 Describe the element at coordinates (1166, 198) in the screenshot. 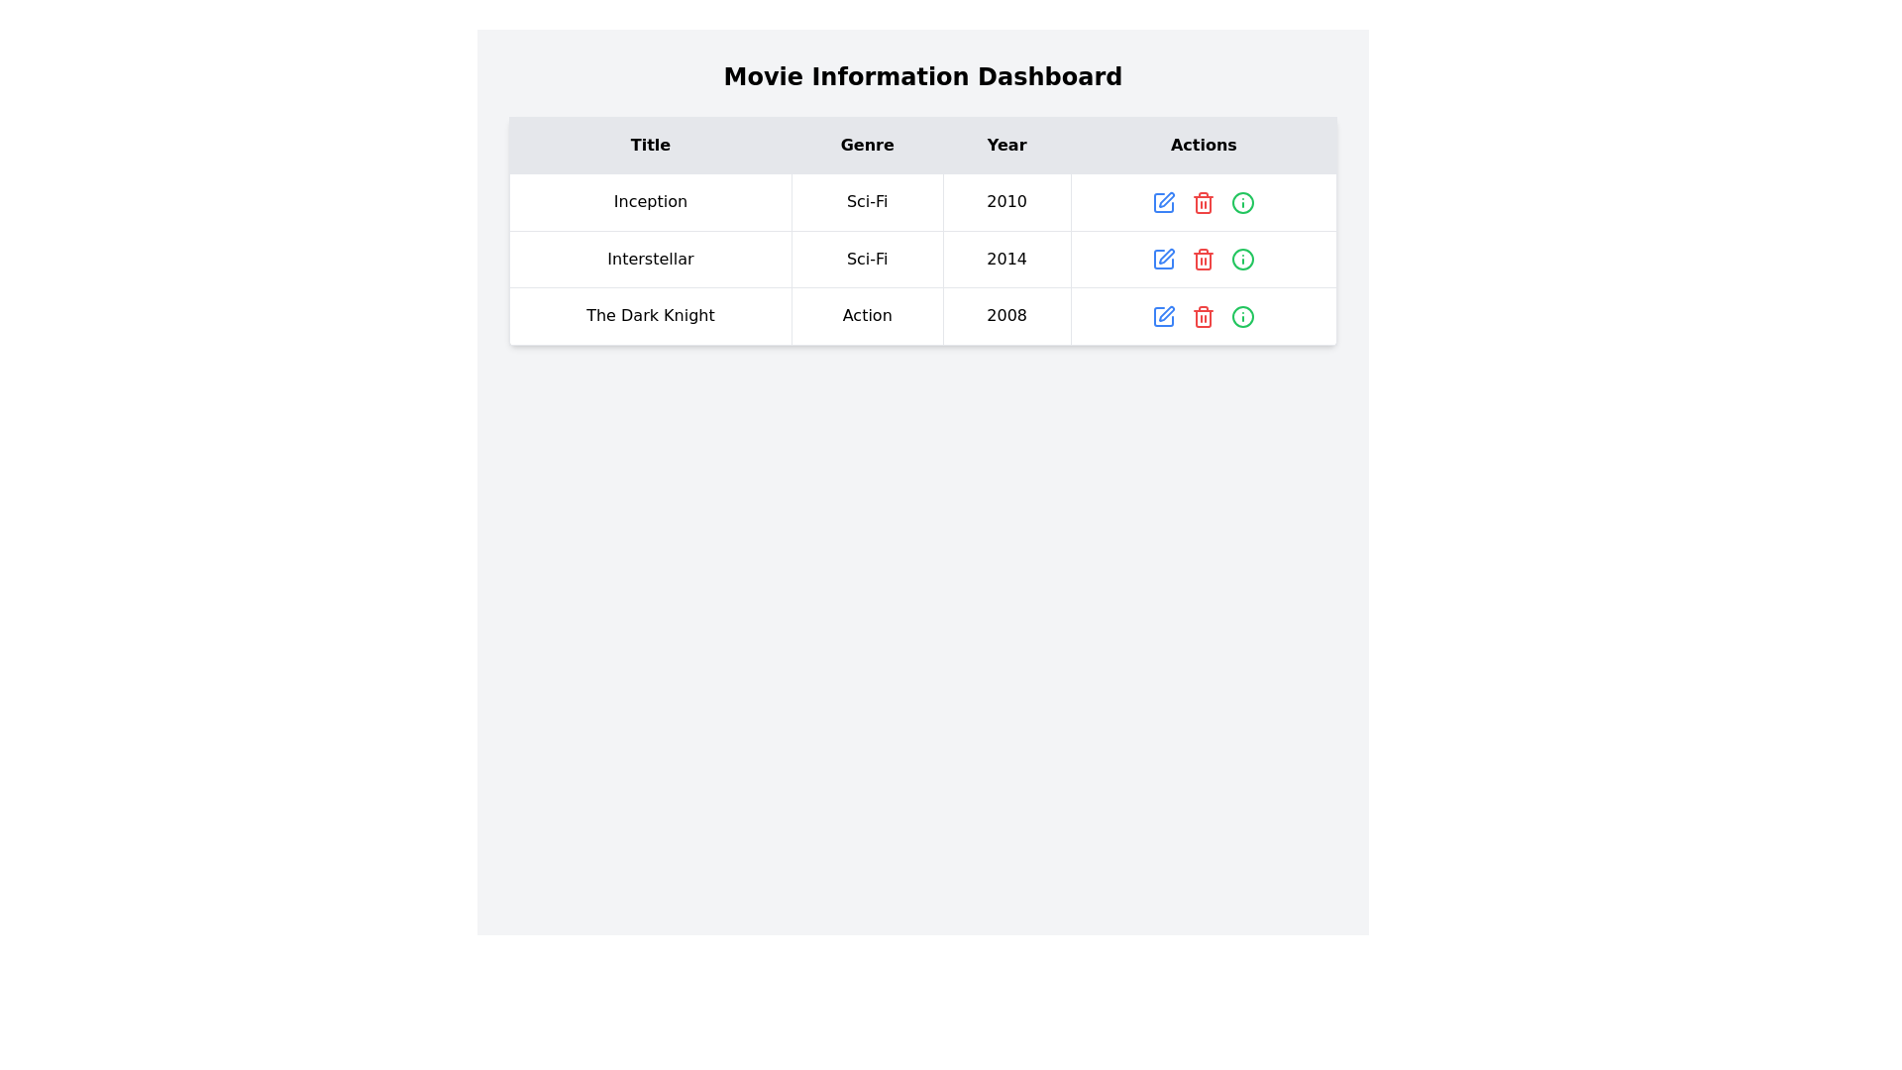

I see `the small pencil icon located in the 'Actions' column of the second row of the table to initiate an edit action` at that location.